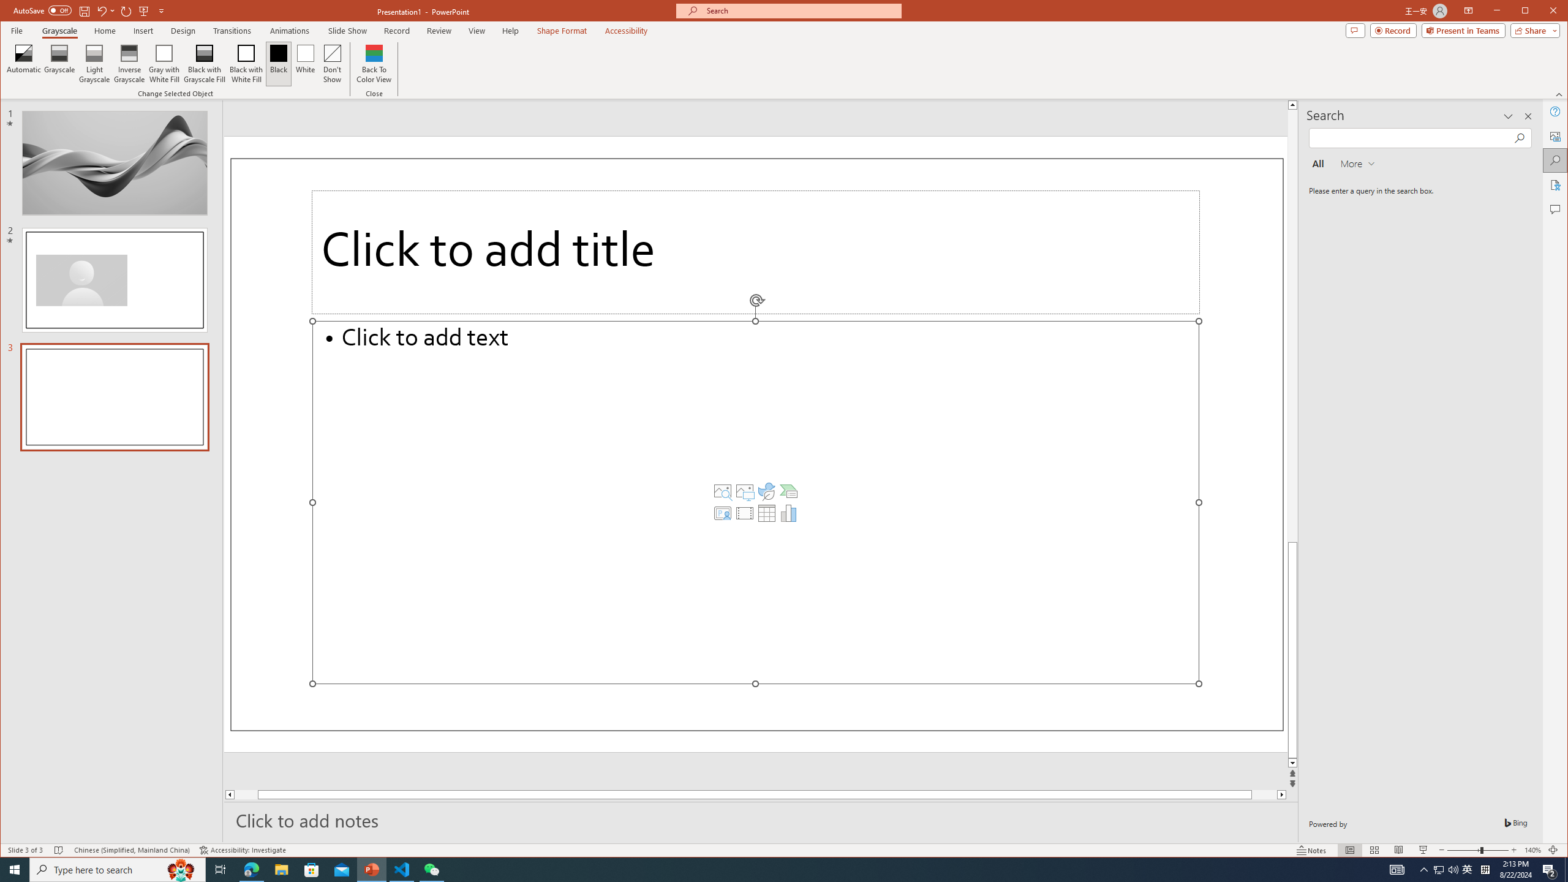  I want to click on 'WeChat - 1 running window', so click(432, 869).